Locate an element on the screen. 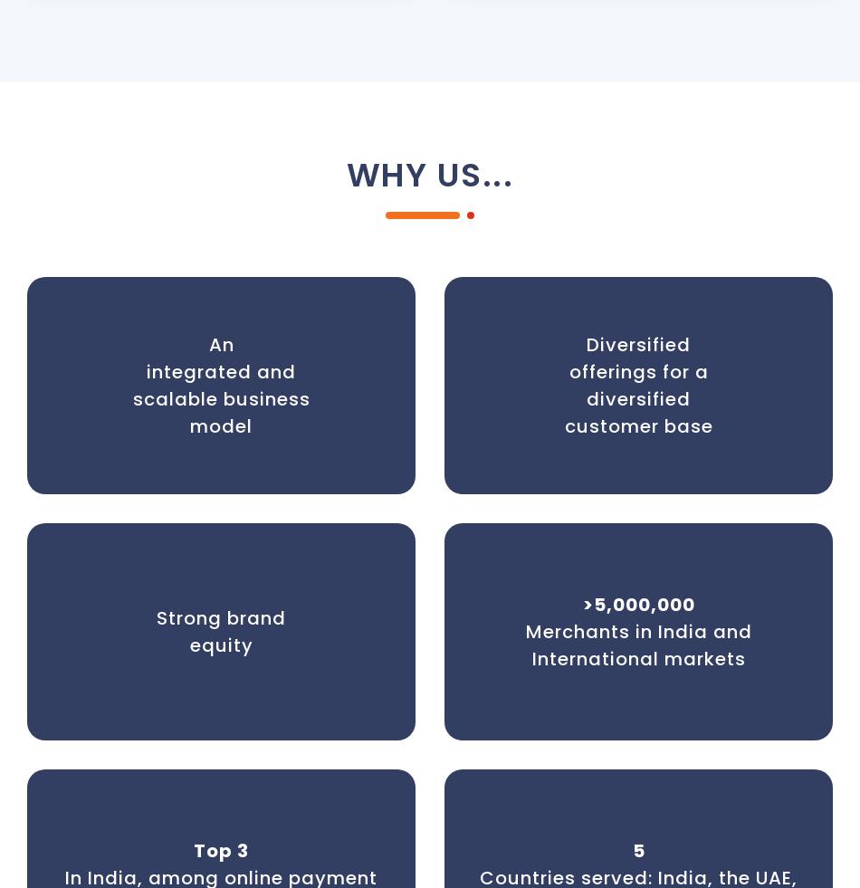 The image size is (860, 888). 'scalable business' is located at coordinates (219, 397).